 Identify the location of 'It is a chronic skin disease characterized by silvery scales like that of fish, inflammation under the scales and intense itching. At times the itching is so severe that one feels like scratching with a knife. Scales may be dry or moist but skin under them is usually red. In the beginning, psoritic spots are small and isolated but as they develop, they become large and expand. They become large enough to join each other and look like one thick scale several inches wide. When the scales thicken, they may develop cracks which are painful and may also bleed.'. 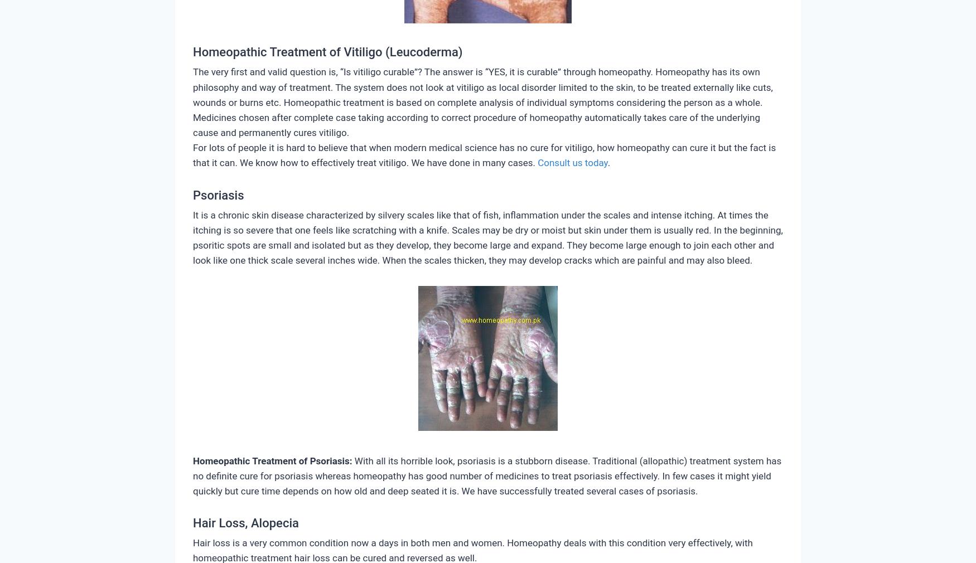
(192, 237).